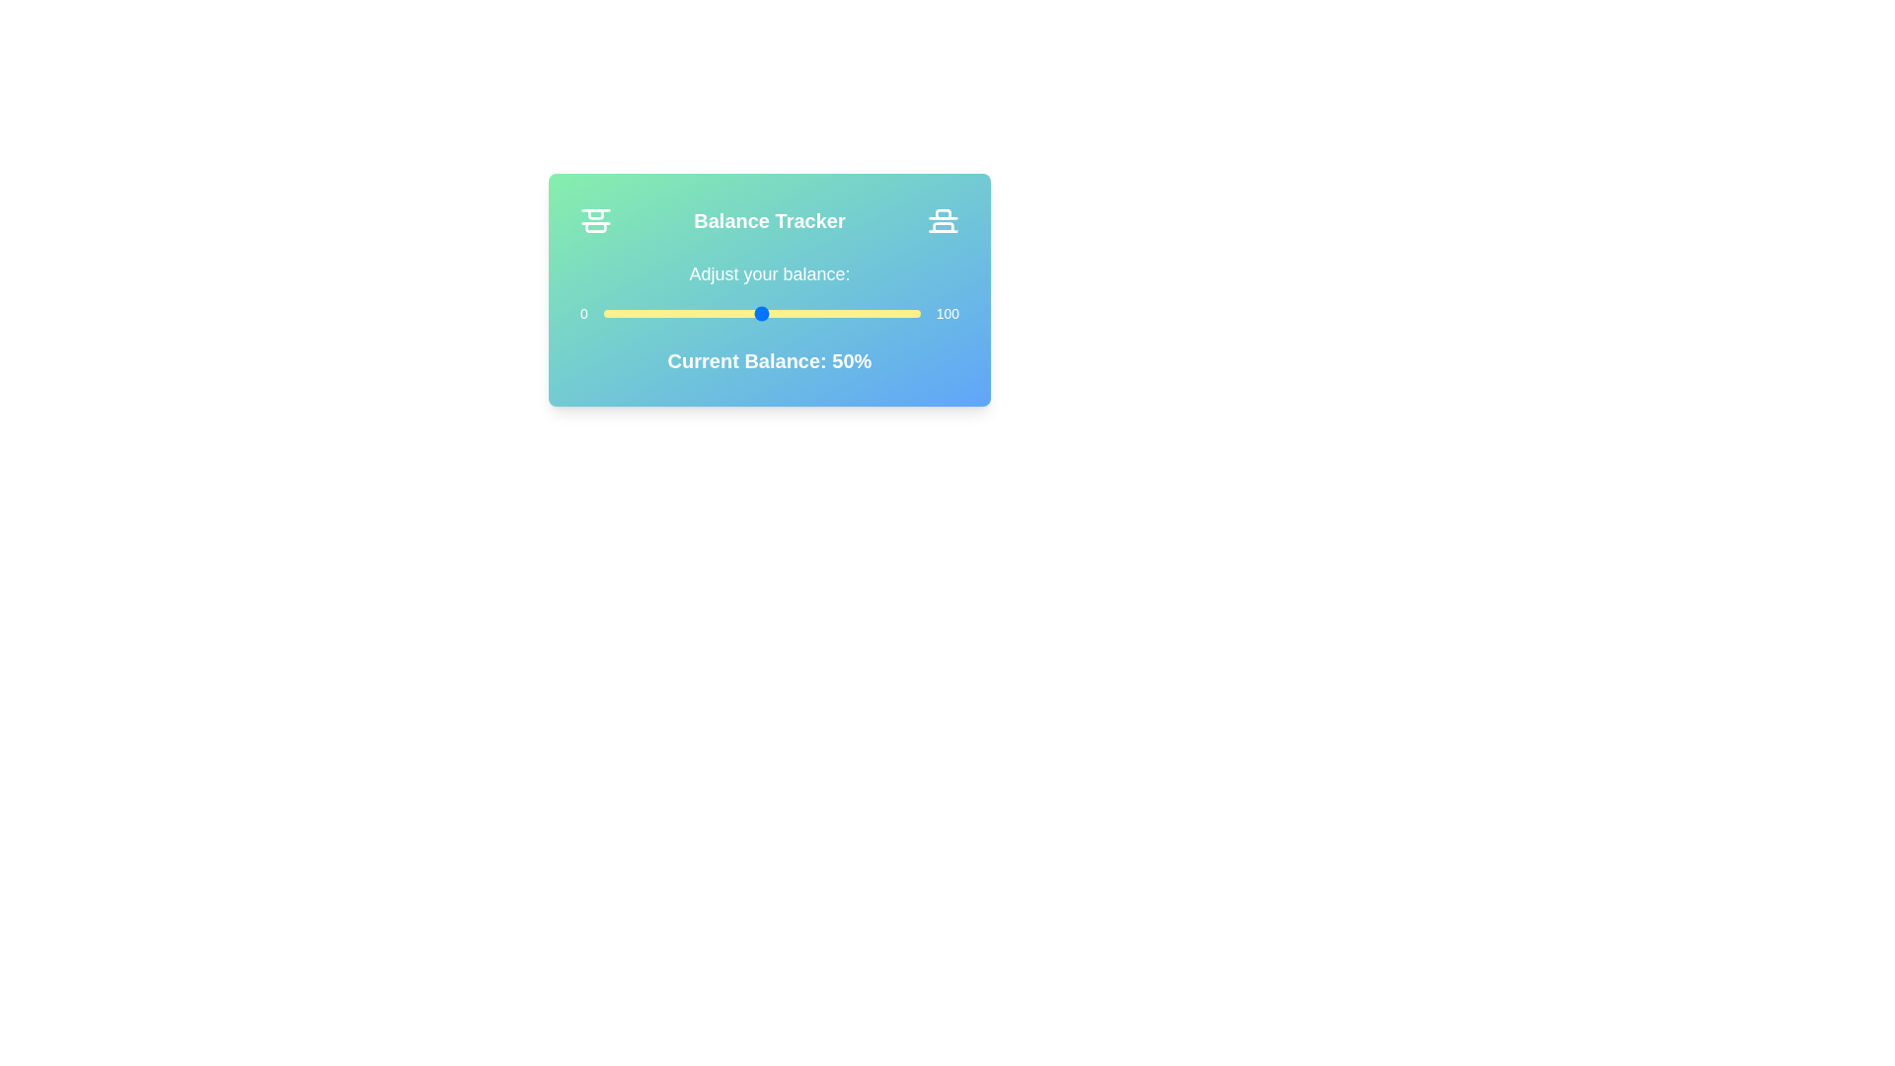 The height and width of the screenshot is (1066, 1895). What do you see at coordinates (595, 220) in the screenshot?
I see `the left icon in the BalanceTracker component` at bounding box center [595, 220].